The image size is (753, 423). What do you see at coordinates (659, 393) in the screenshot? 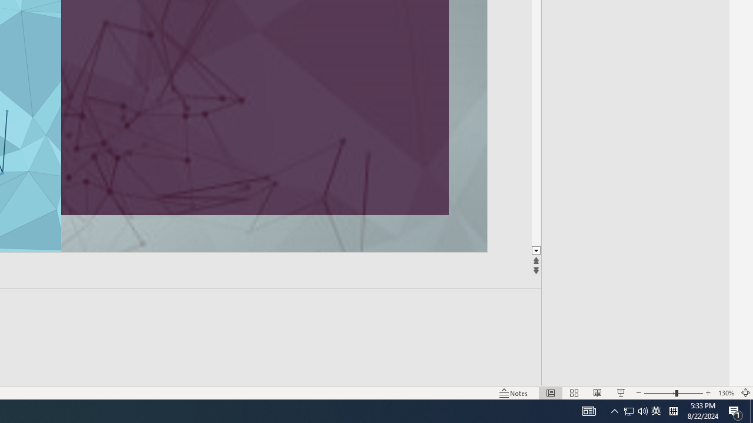
I see `'Zoom Out'` at bounding box center [659, 393].